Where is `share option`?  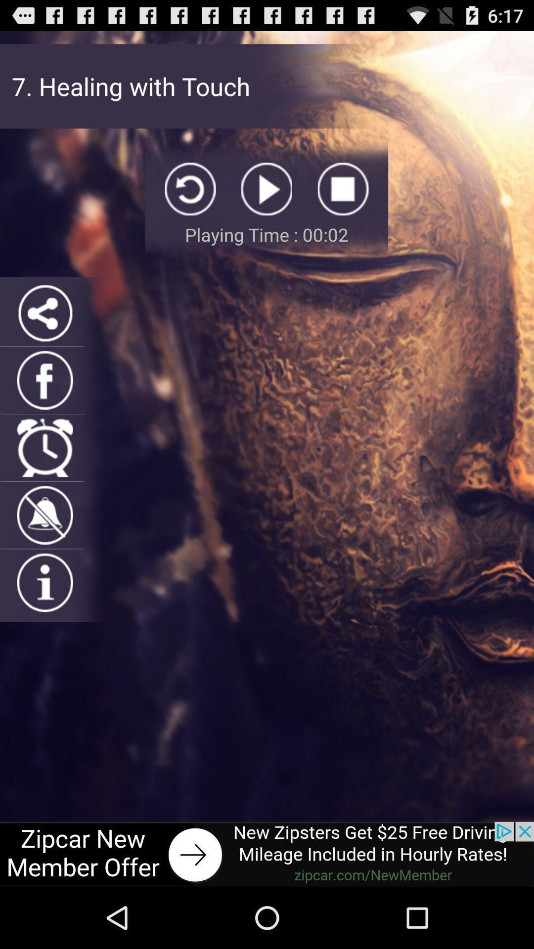
share option is located at coordinates (45, 312).